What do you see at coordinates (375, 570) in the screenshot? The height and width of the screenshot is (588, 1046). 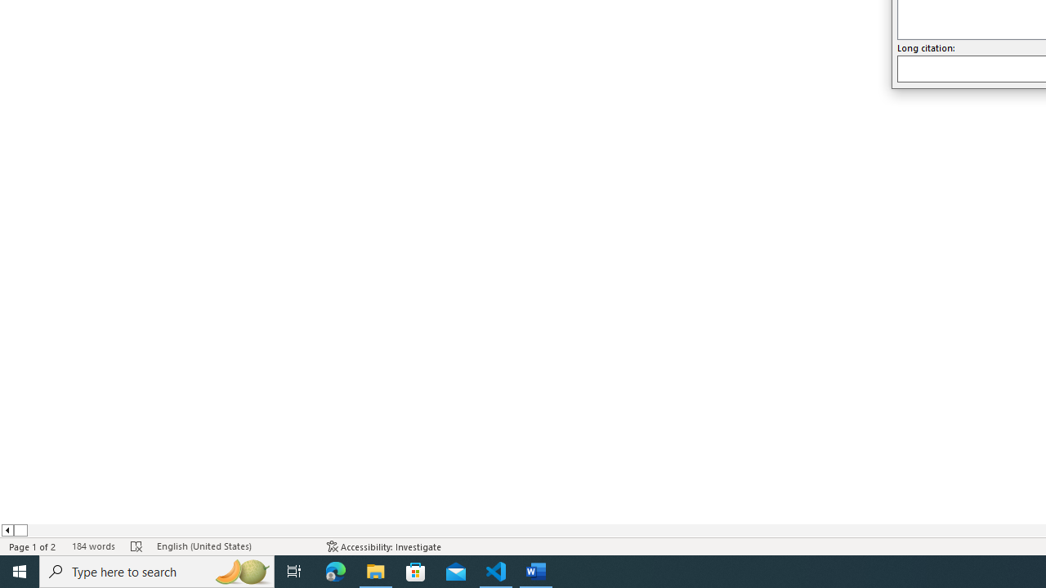 I see `'File Explorer - 1 running window'` at bounding box center [375, 570].